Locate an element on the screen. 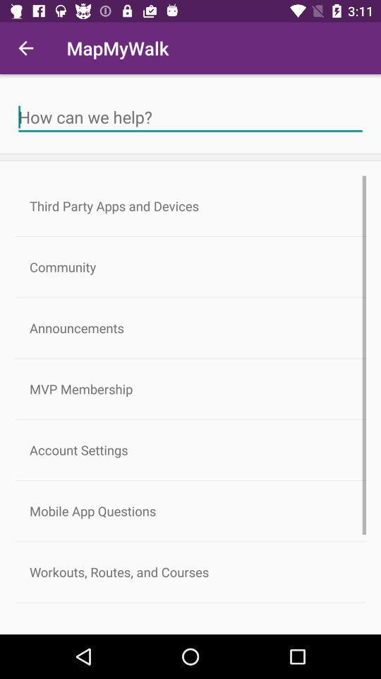 The image size is (381, 679). the mobile app questions icon is located at coordinates (190, 510).